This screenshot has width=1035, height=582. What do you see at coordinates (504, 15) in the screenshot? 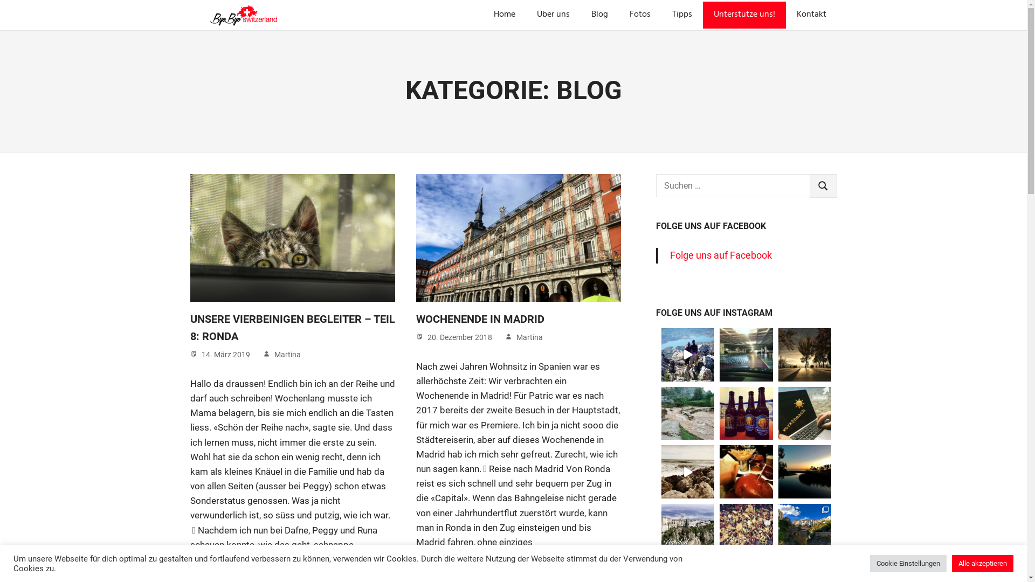
I see `'Home'` at bounding box center [504, 15].